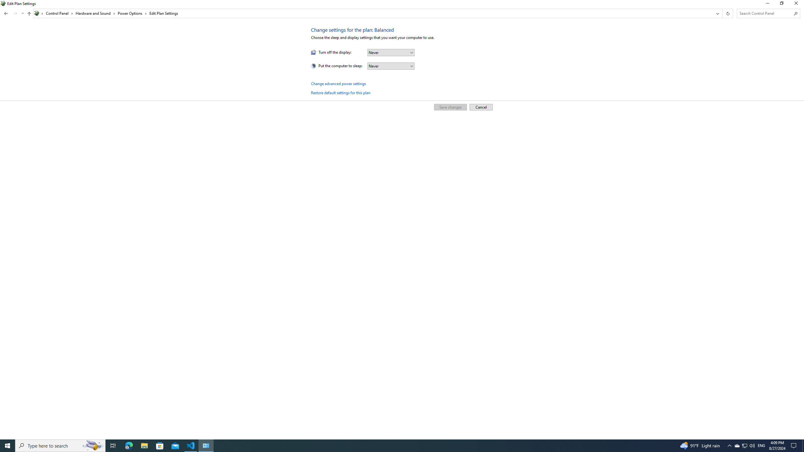 Image resolution: width=804 pixels, height=452 pixels. I want to click on 'Search highlights icon opens search home window', so click(92, 445).